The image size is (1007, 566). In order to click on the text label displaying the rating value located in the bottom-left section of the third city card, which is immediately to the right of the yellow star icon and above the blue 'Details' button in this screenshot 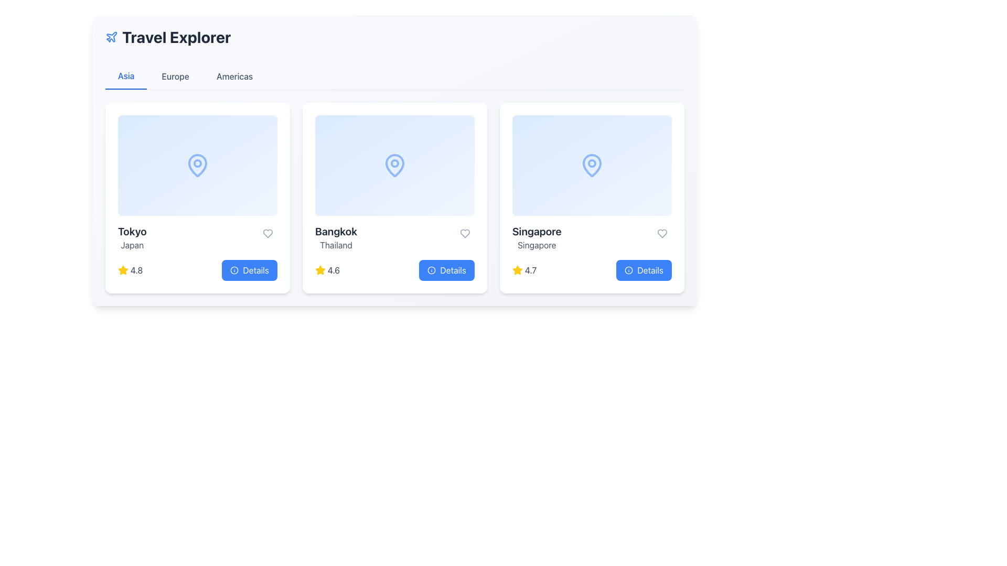, I will do `click(531, 270)`.